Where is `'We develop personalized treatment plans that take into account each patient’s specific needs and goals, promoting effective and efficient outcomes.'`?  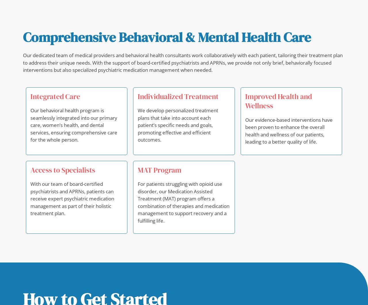 'We develop personalized treatment plans that take into account each patient’s specific needs and goals, promoting effective and efficient outcomes.' is located at coordinates (178, 125).